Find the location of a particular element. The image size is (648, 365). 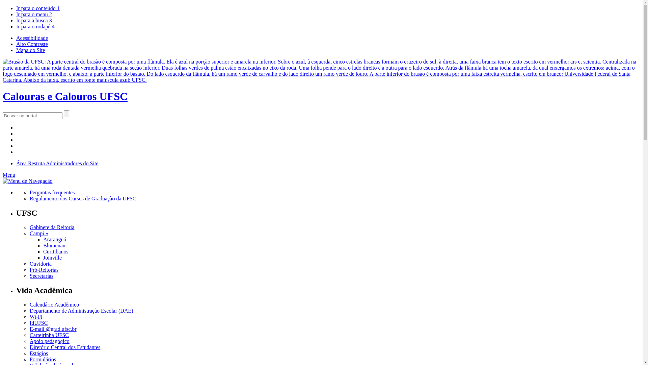

'Joinville' is located at coordinates (52, 258).